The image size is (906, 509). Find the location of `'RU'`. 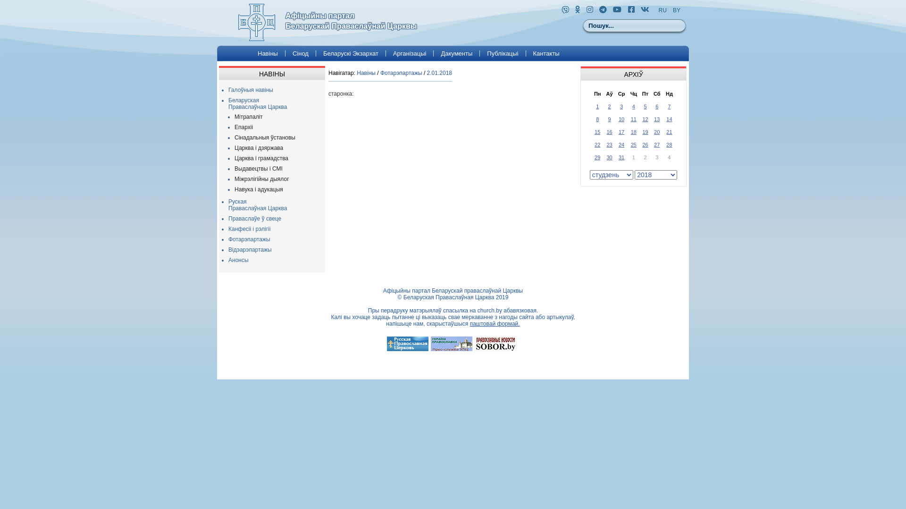

'RU' is located at coordinates (662, 10).